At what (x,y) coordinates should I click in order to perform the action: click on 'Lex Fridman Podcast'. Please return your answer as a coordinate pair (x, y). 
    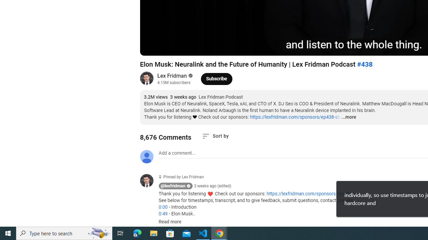
    Looking at the image, I should click on (221, 97).